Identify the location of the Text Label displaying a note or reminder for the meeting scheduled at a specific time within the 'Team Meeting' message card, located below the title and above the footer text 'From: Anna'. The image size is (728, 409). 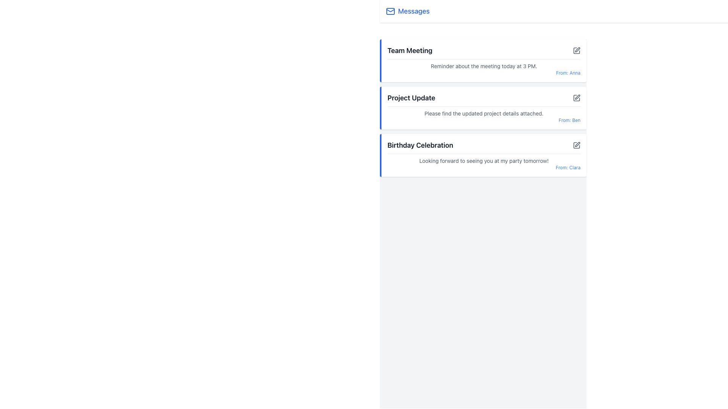
(483, 64).